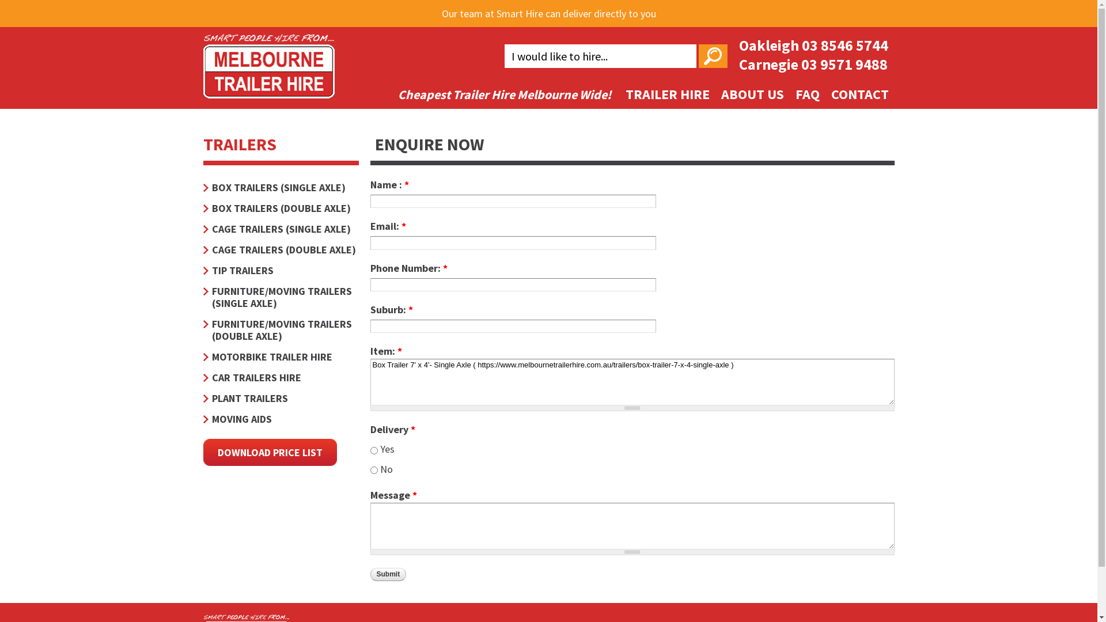  Describe the element at coordinates (267, 90) in the screenshot. I see `'Trailer Rental Melbourne'` at that location.